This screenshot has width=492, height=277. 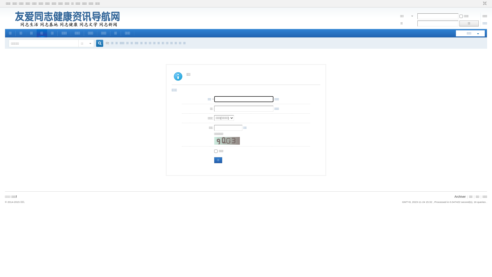 What do you see at coordinates (455, 196) in the screenshot?
I see `'Archiver'` at bounding box center [455, 196].